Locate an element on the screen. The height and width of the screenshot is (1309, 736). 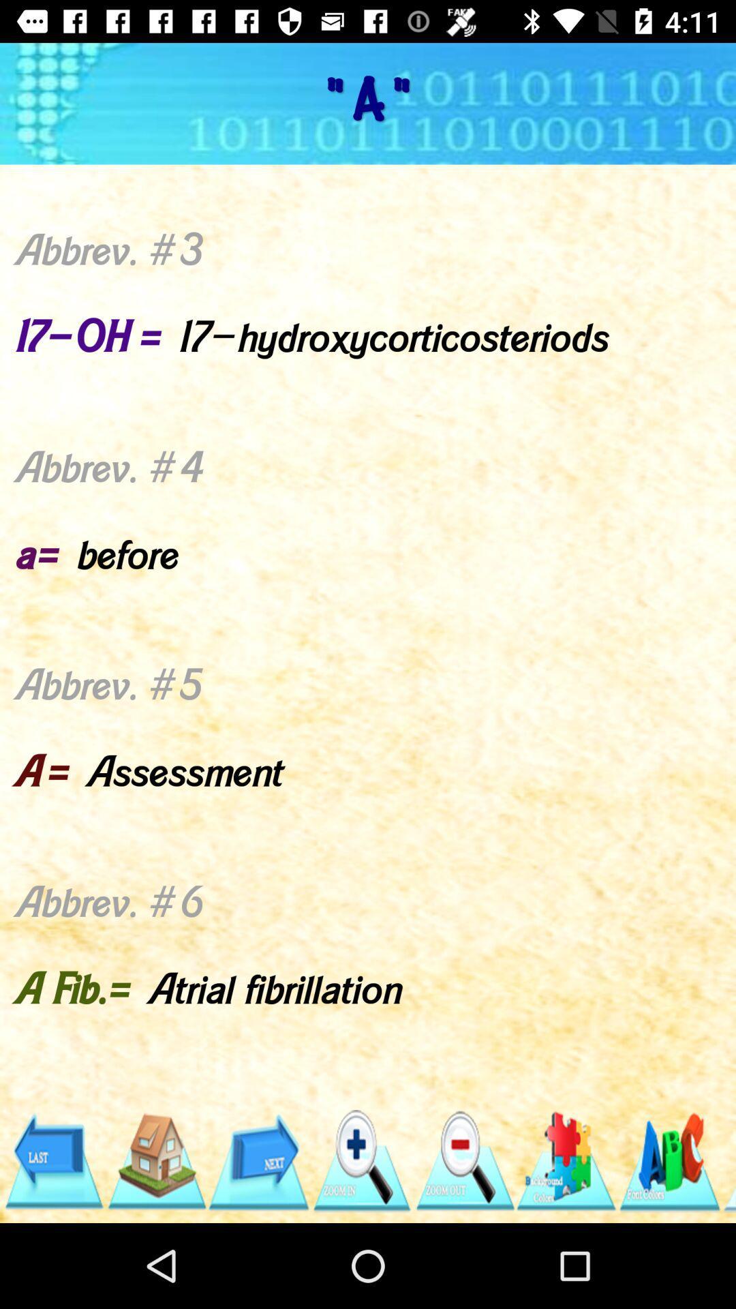
sort alphabetical is located at coordinates (669, 1160).